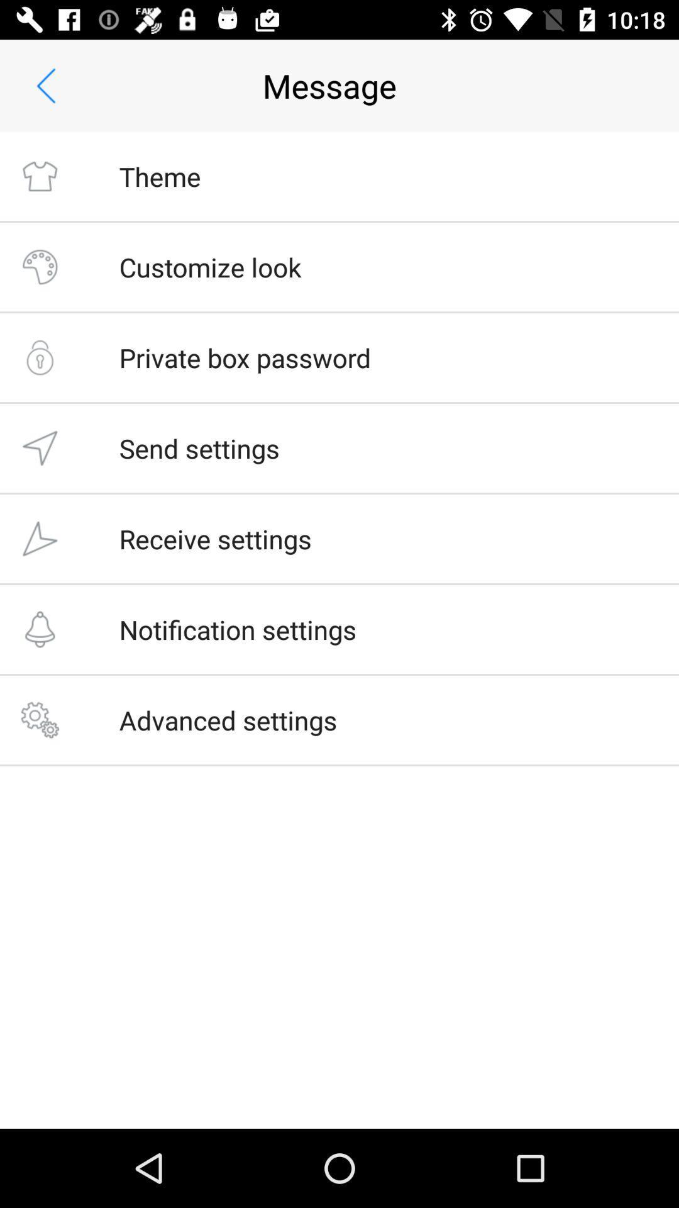 This screenshot has height=1208, width=679. I want to click on item below theme, so click(209, 266).